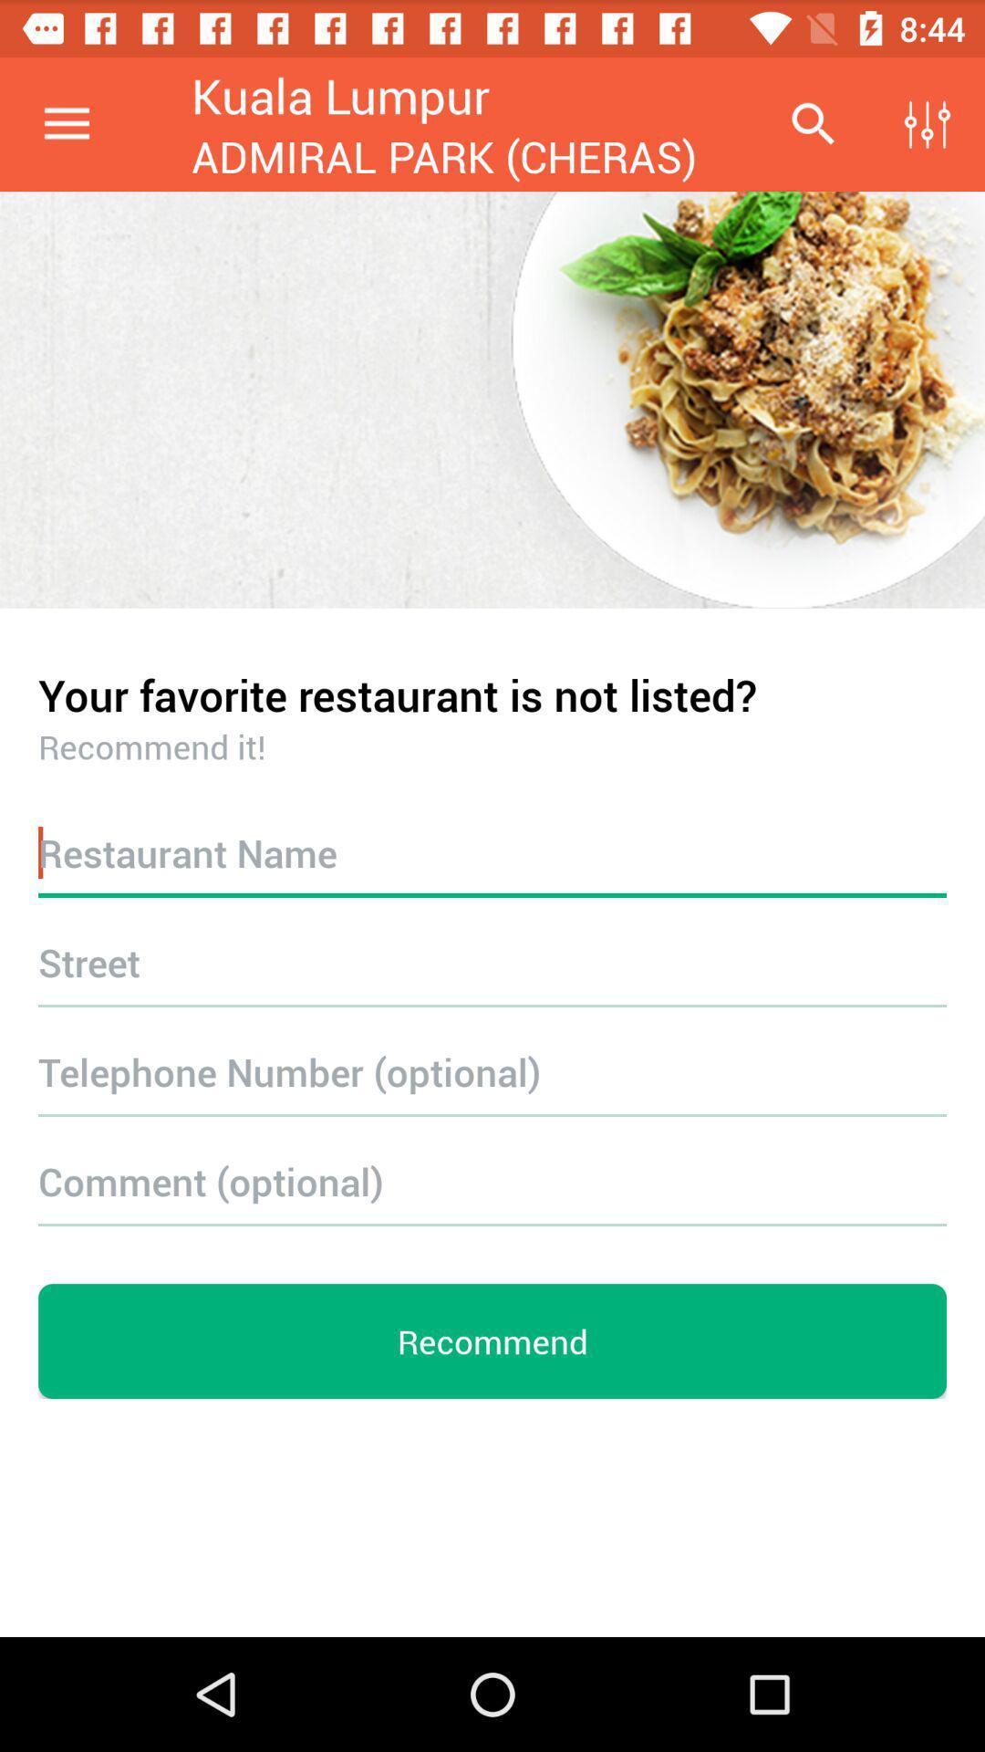 The height and width of the screenshot is (1752, 985). What do you see at coordinates (66, 123) in the screenshot?
I see `the icon to the left of kuala lumpur icon` at bounding box center [66, 123].